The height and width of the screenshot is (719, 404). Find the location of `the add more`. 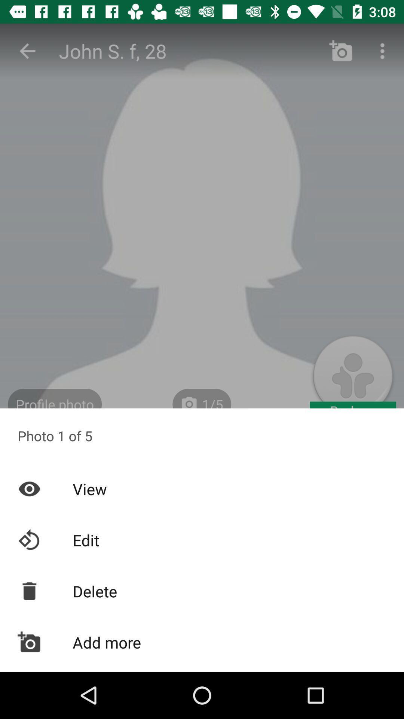

the add more is located at coordinates (202, 642).